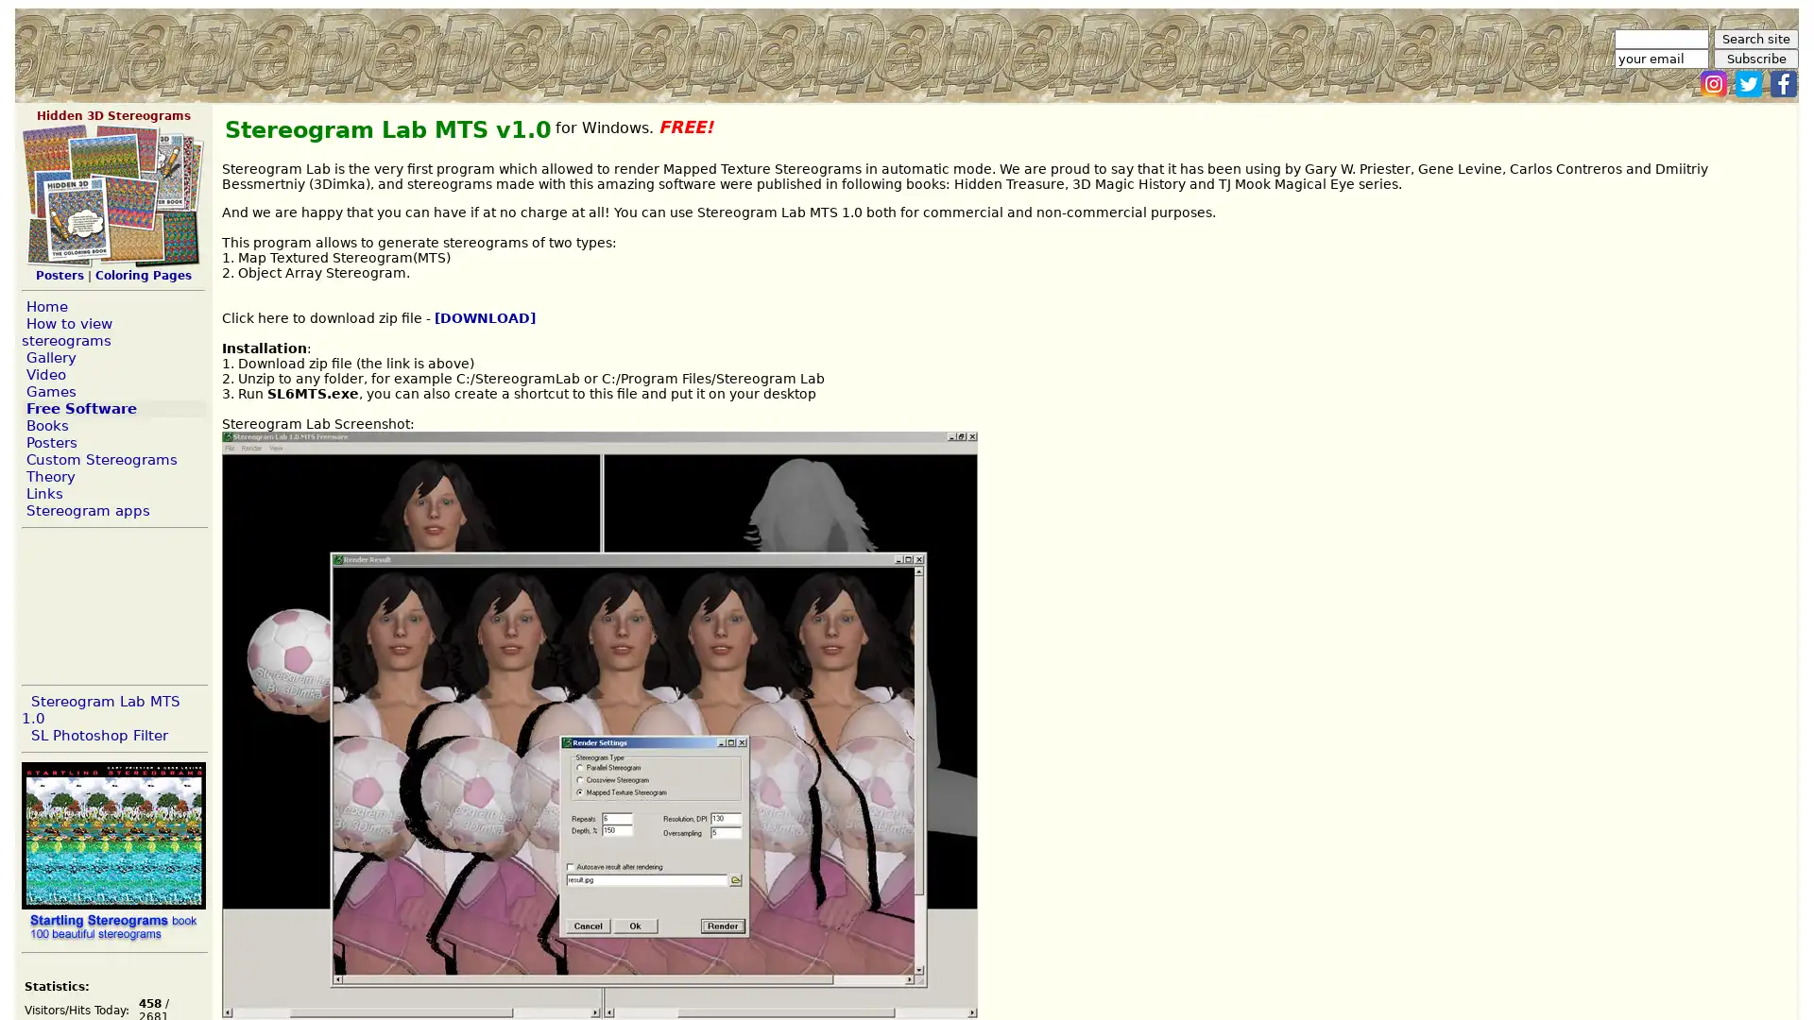 Image resolution: width=1814 pixels, height=1020 pixels. Describe the element at coordinates (1754, 58) in the screenshot. I see `Subscribe` at that location.